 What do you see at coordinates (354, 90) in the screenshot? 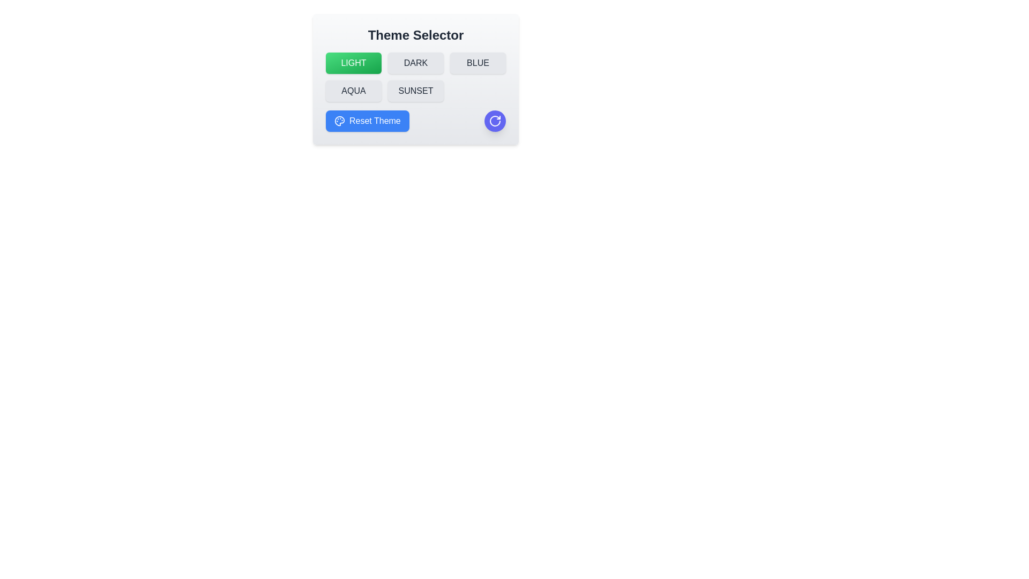
I see `the theme button corresponding to AQUA` at bounding box center [354, 90].